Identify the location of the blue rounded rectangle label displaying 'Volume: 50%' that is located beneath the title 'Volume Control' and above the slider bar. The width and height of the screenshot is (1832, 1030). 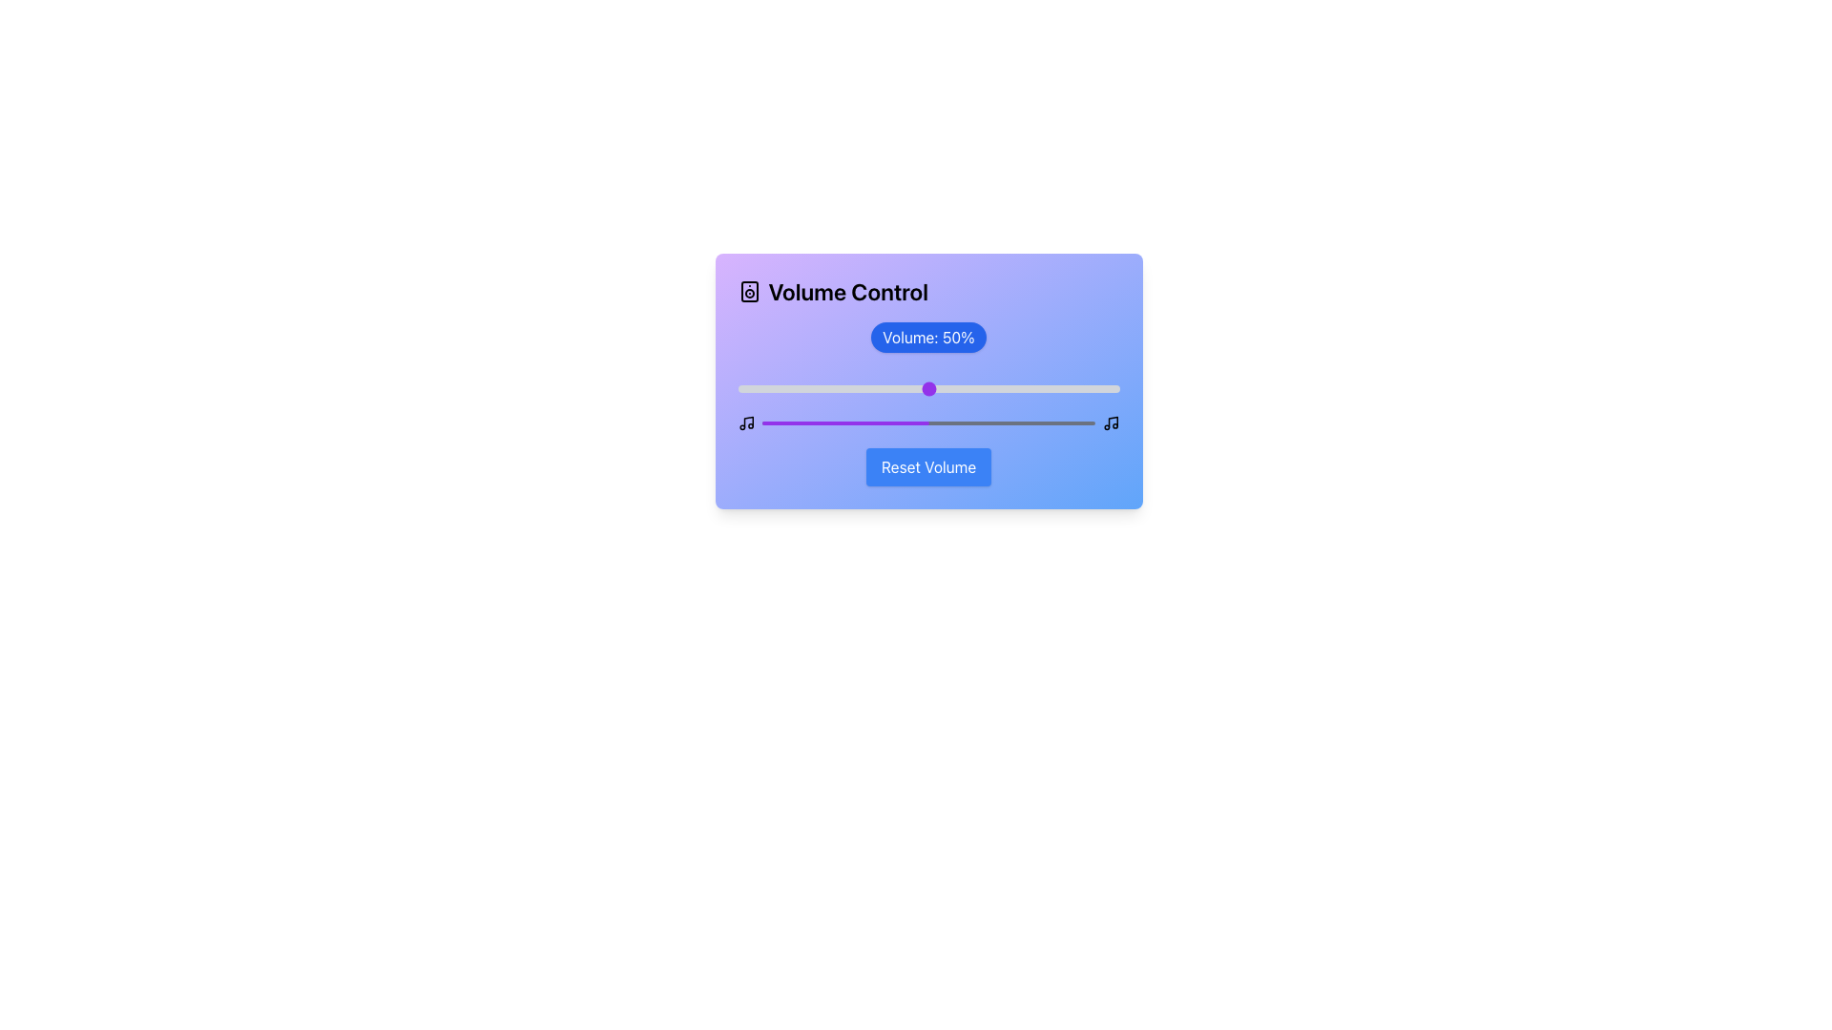
(928, 337).